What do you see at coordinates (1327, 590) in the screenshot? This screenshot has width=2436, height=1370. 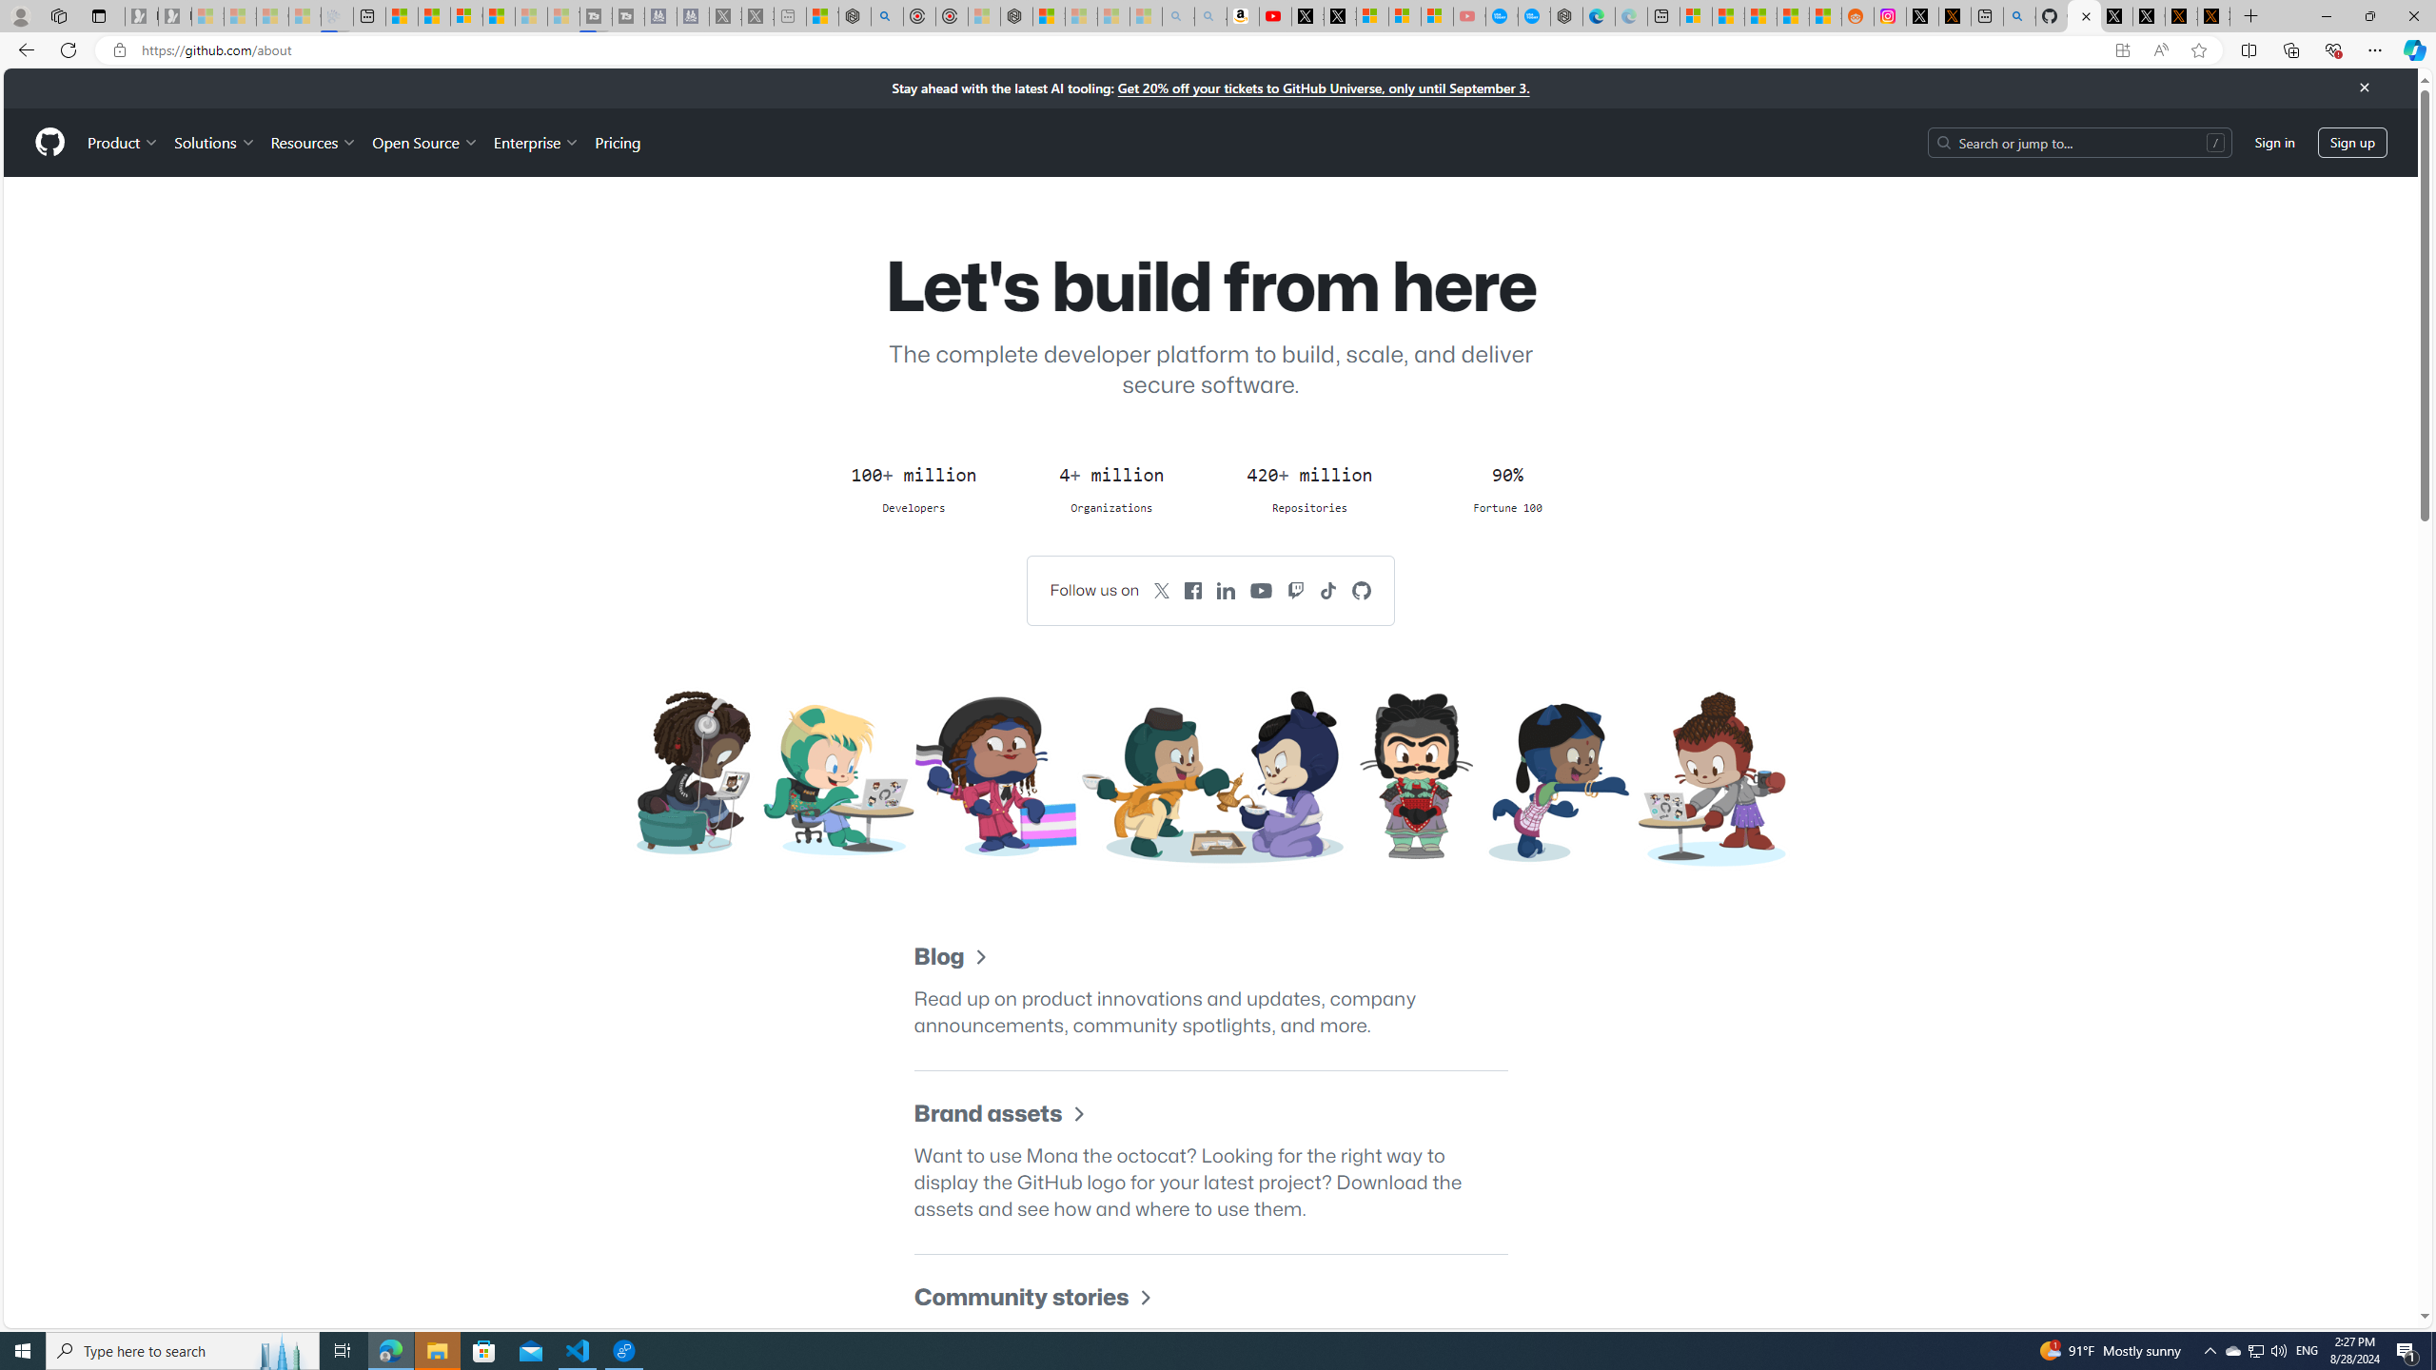 I see `'GitHub on TikTok'` at bounding box center [1327, 590].